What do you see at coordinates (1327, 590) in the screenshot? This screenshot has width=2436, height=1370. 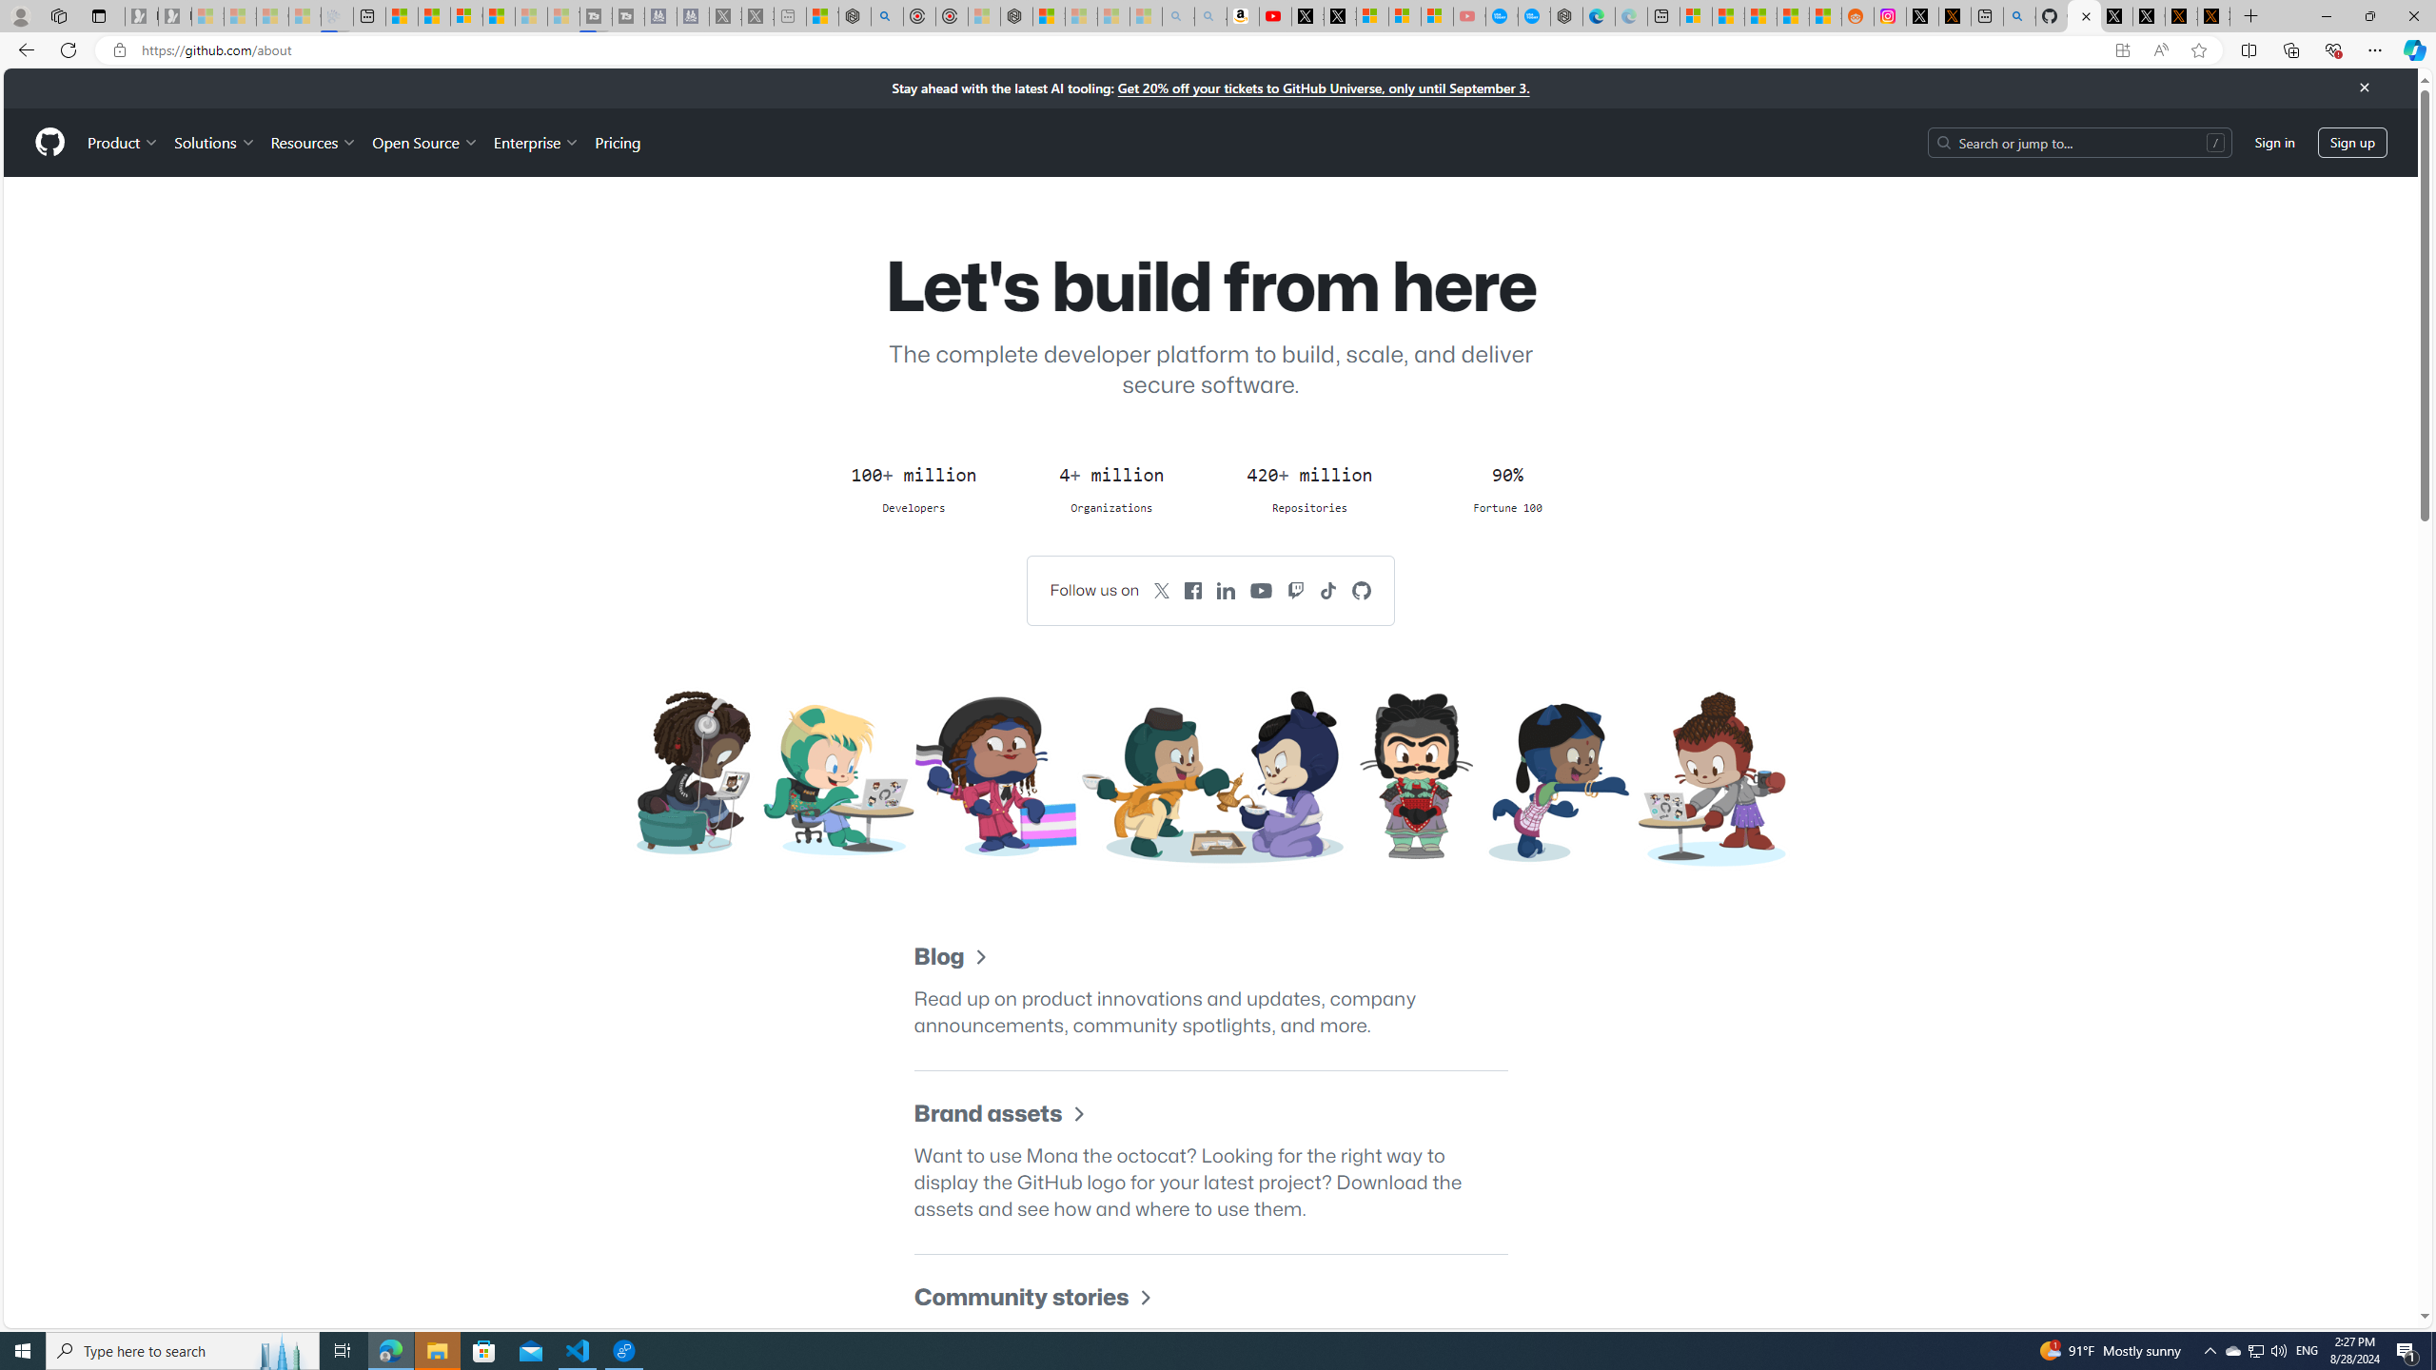 I see `'GitHub on TikTok'` at bounding box center [1327, 590].